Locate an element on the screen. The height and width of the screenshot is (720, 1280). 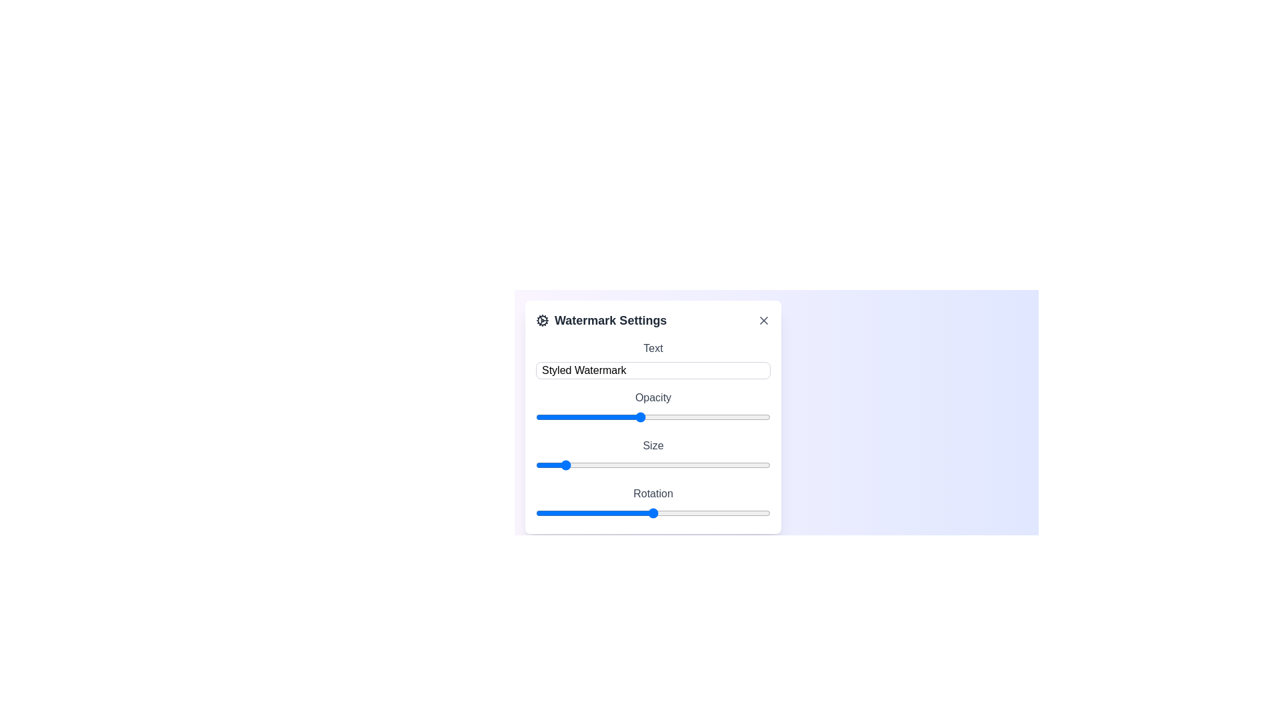
the size is located at coordinates (536, 465).